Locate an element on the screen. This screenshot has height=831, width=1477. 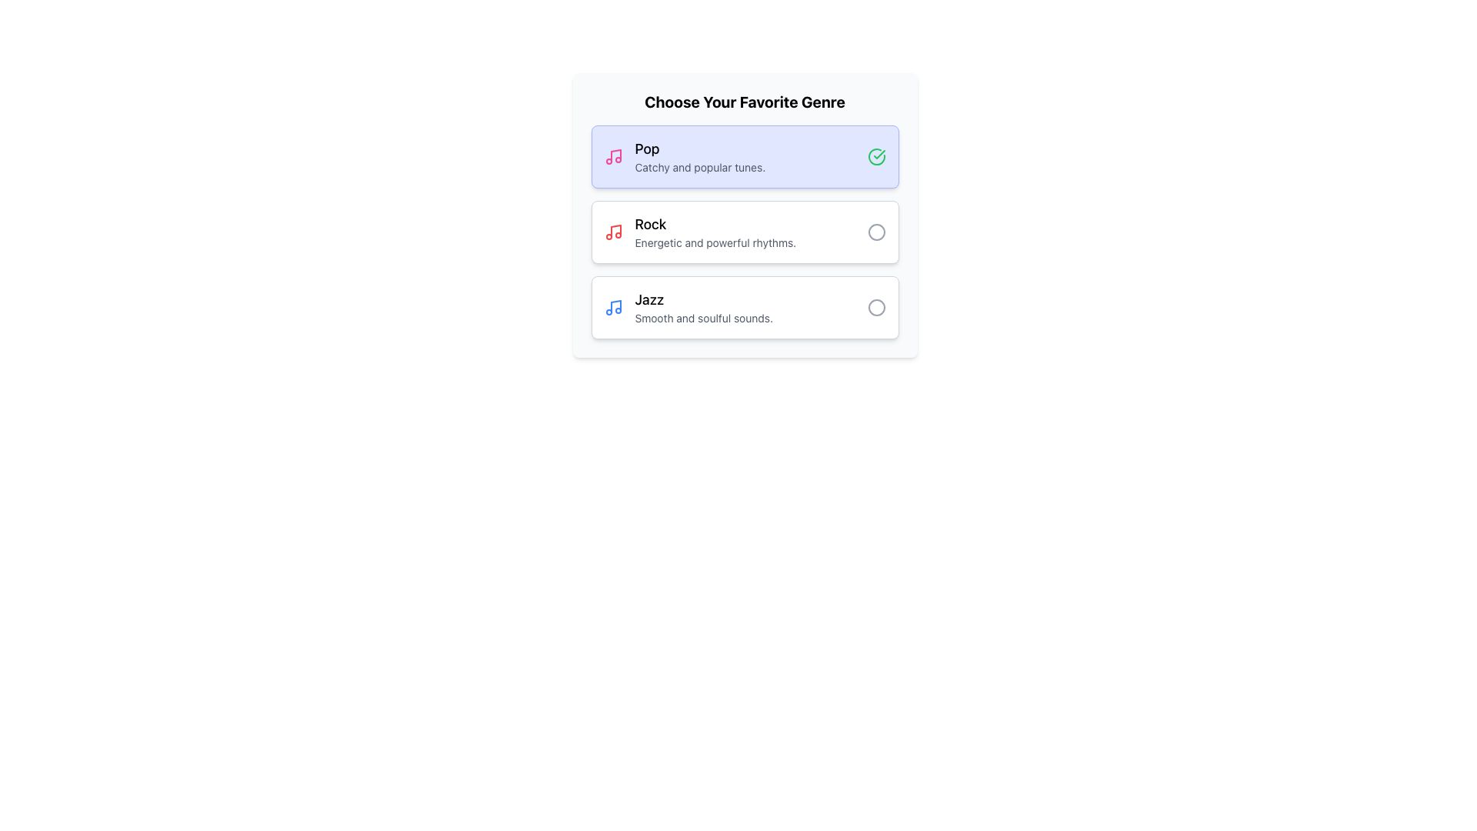
the checkmark-shaped icon within the SVG graphic is located at coordinates (879, 154).